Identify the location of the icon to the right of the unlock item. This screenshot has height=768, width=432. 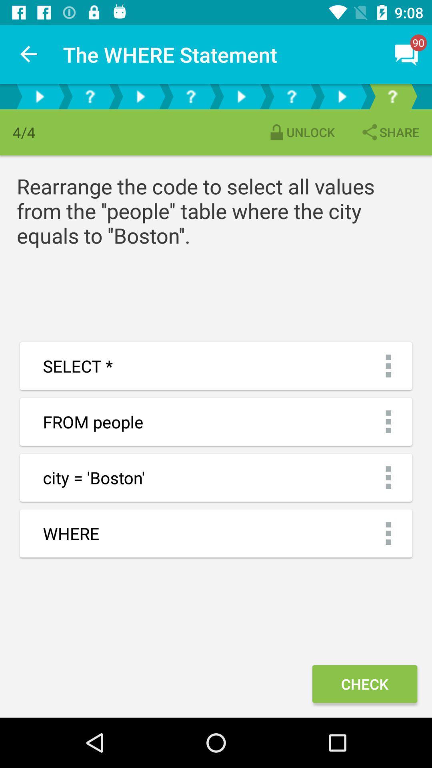
(389, 132).